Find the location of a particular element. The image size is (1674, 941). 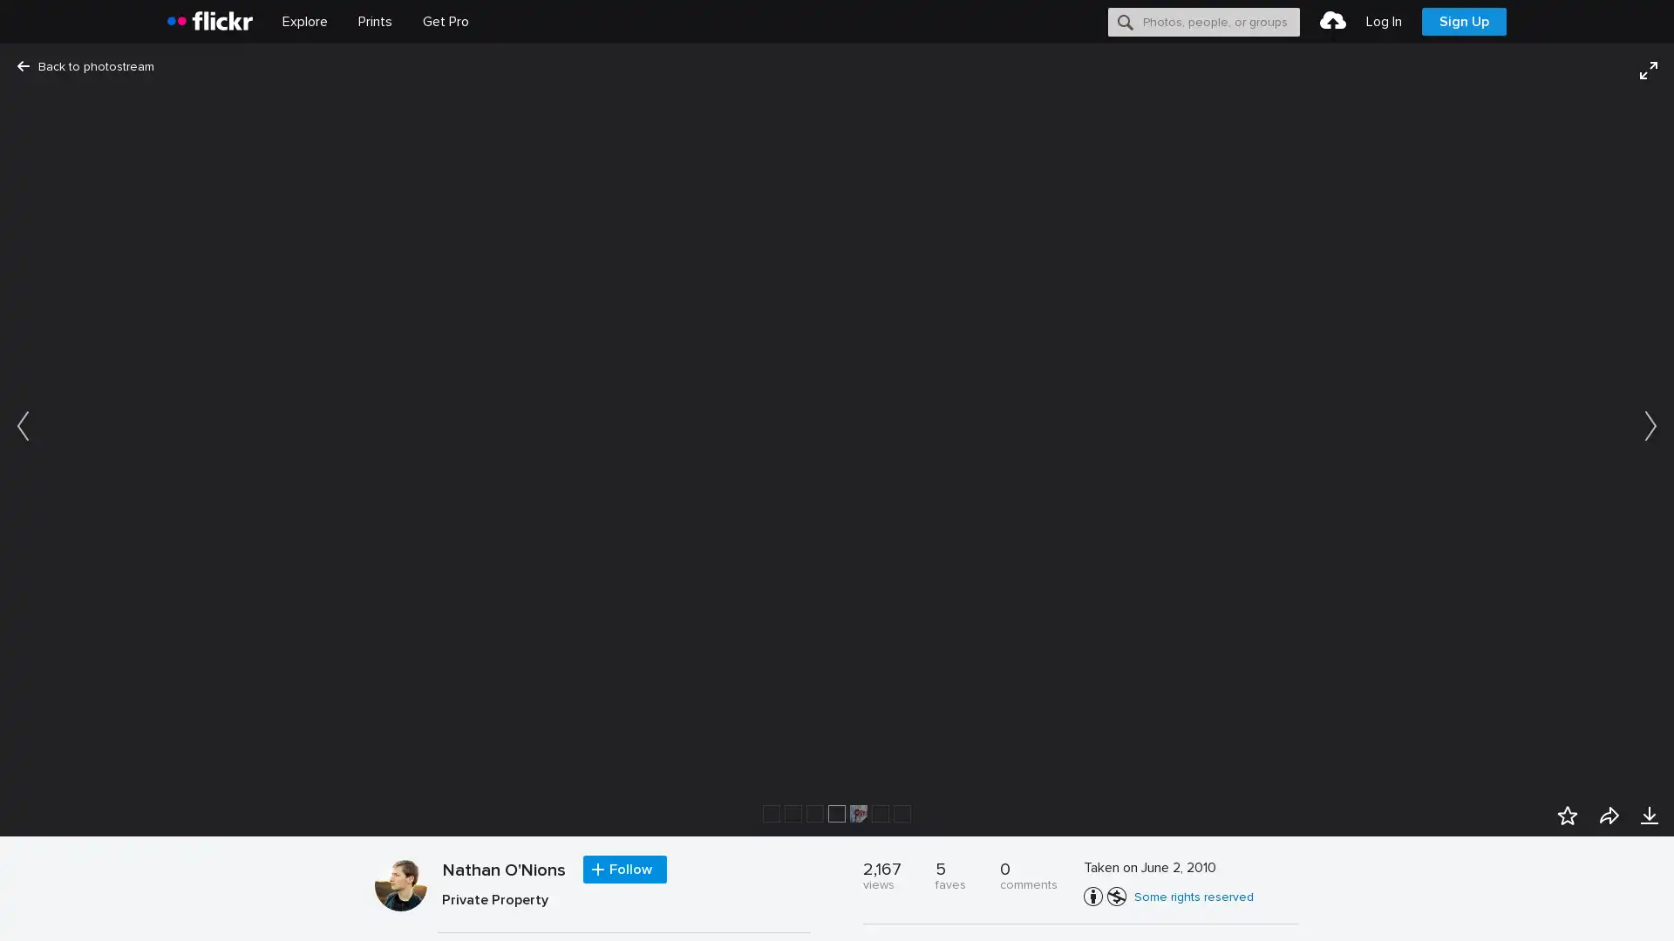

Accept is located at coordinates (1330, 907).